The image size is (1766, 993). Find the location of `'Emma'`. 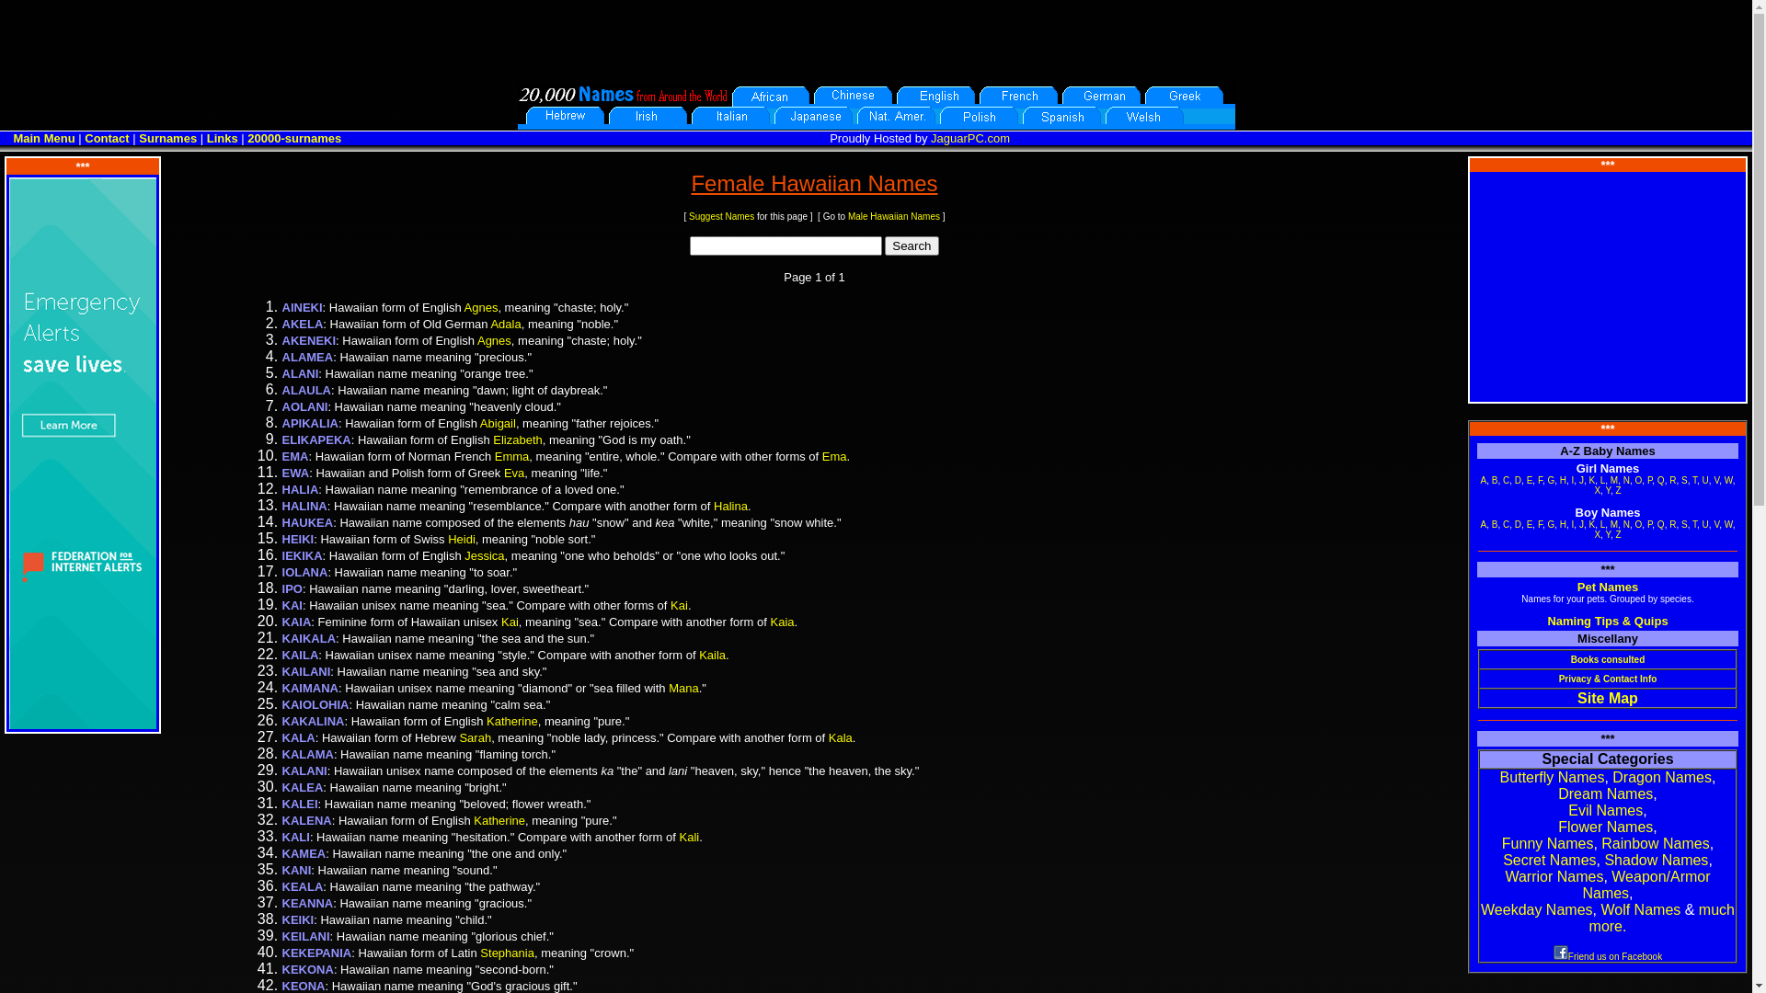

'Emma' is located at coordinates (511, 455).